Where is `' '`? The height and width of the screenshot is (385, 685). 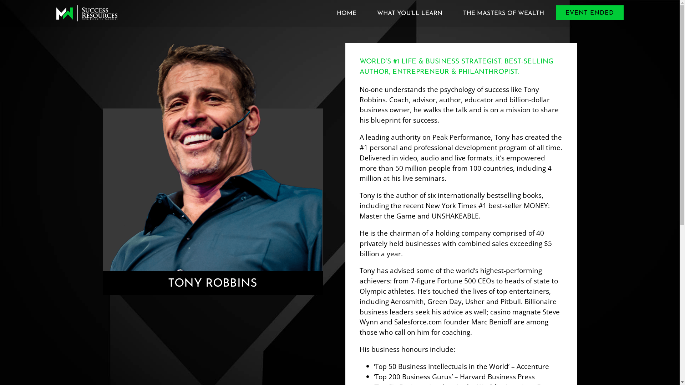
' ' is located at coordinates (86, 13).